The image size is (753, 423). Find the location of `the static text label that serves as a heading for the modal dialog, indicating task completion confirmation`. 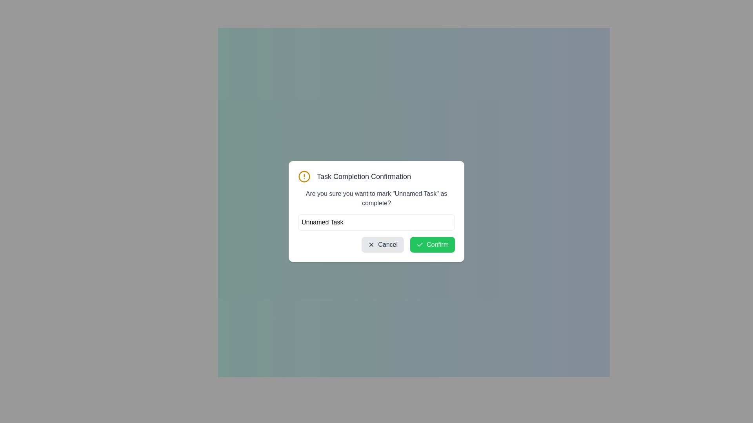

the static text label that serves as a heading for the modal dialog, indicating task completion confirmation is located at coordinates (364, 177).